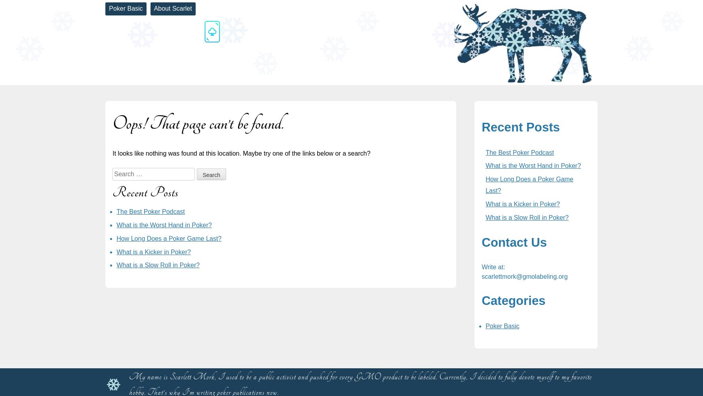  Describe the element at coordinates (513, 300) in the screenshot. I see `'Categories'` at that location.